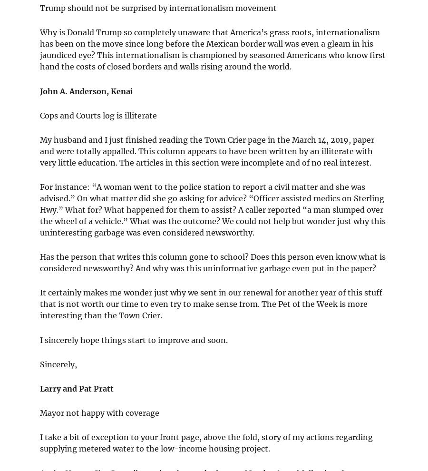 This screenshot has width=428, height=471. What do you see at coordinates (133, 339) in the screenshot?
I see `'I sincerely hope things start to improve and soon.'` at bounding box center [133, 339].